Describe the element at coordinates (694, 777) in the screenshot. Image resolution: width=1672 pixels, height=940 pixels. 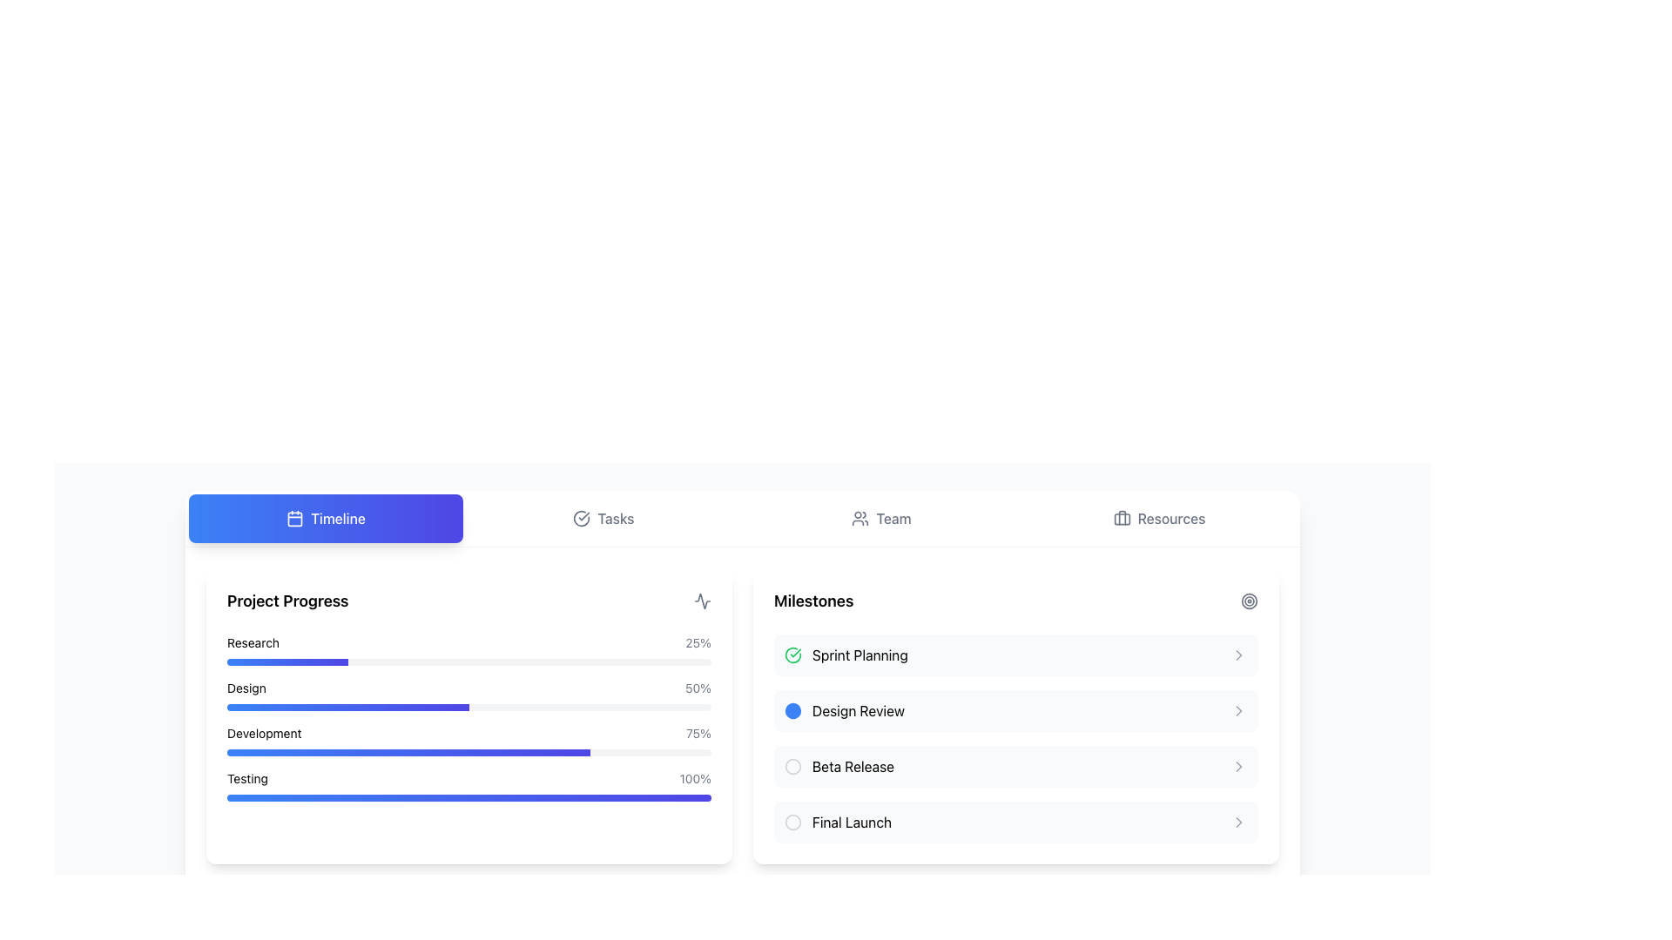
I see `the Text label that indicates the percent completion of the 'Testing' task, located at the bottom-right corner of the 'Project Progress' section` at that location.